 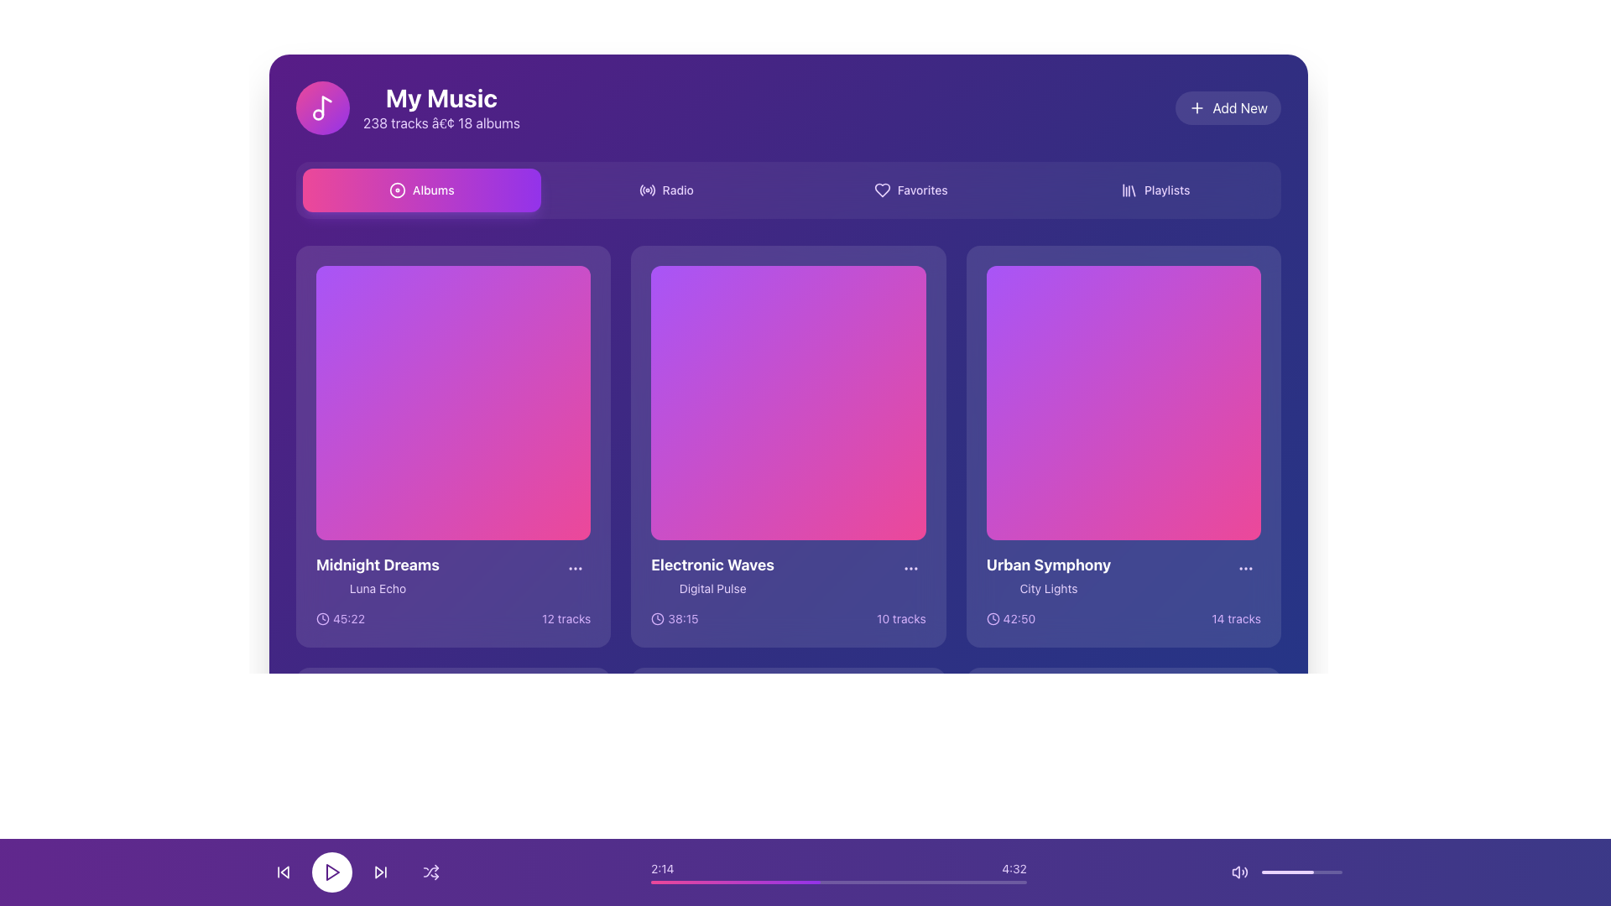 I want to click on the visual properties of the icon located in the lower-left corner of the card for the music album 'Midnight Dreams', adjacent to the duration text '45:22', so click(x=322, y=618).